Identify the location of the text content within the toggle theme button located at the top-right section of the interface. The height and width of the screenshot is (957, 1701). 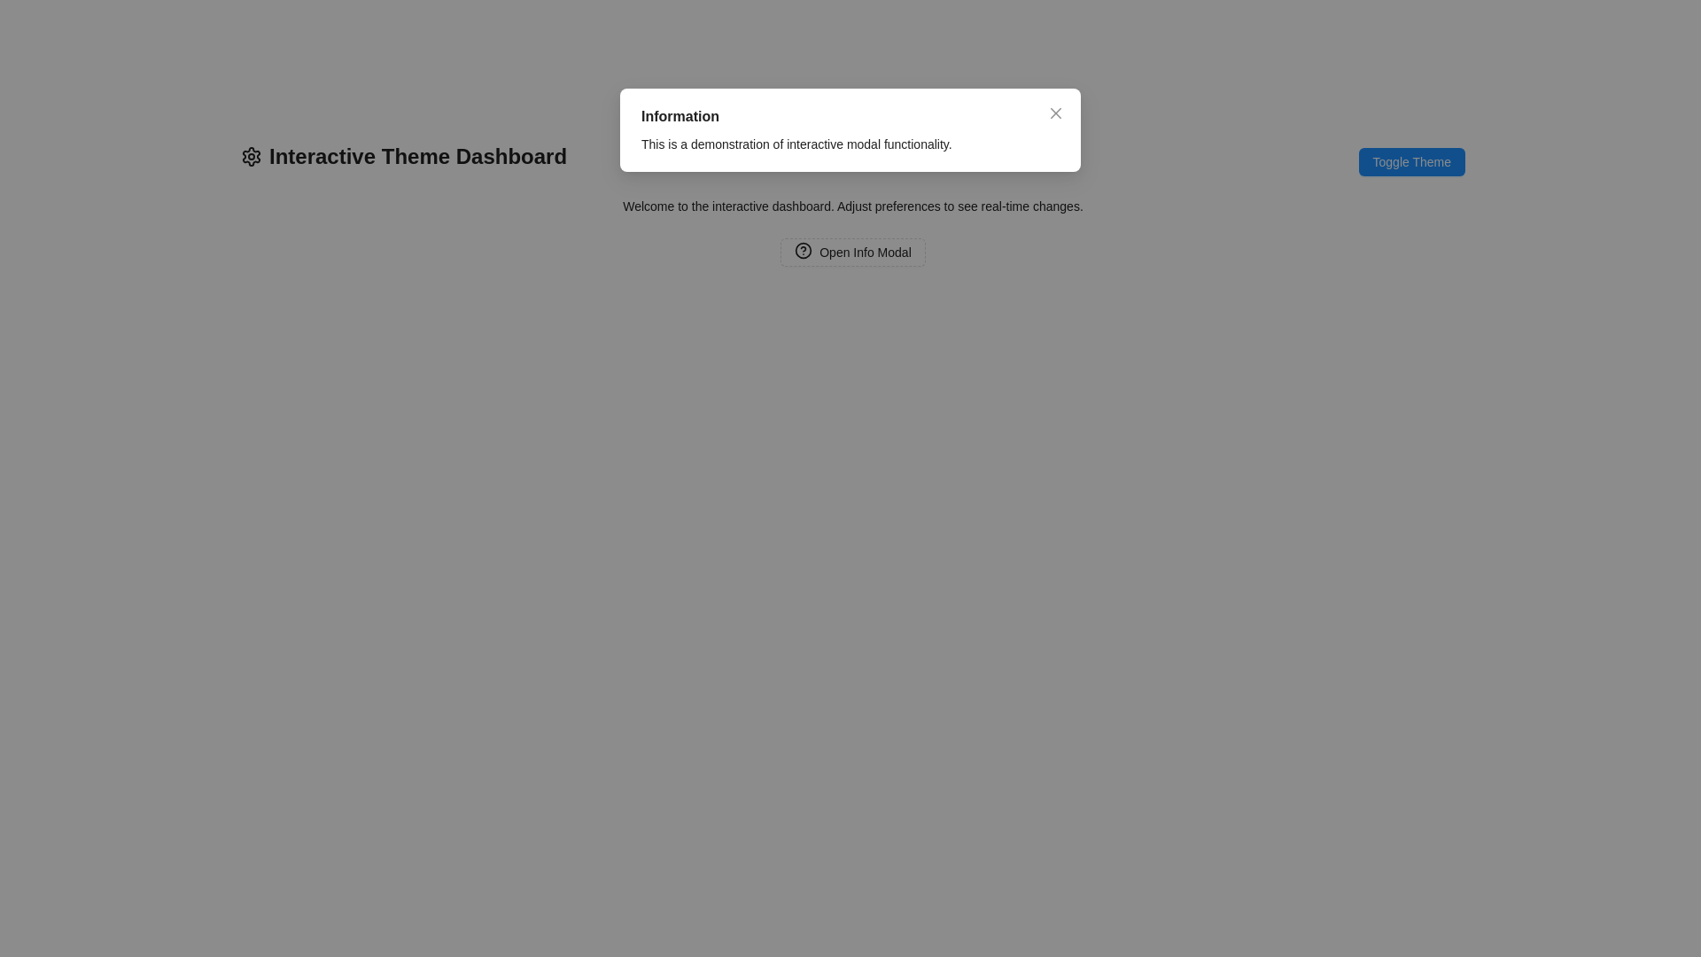
(1410, 161).